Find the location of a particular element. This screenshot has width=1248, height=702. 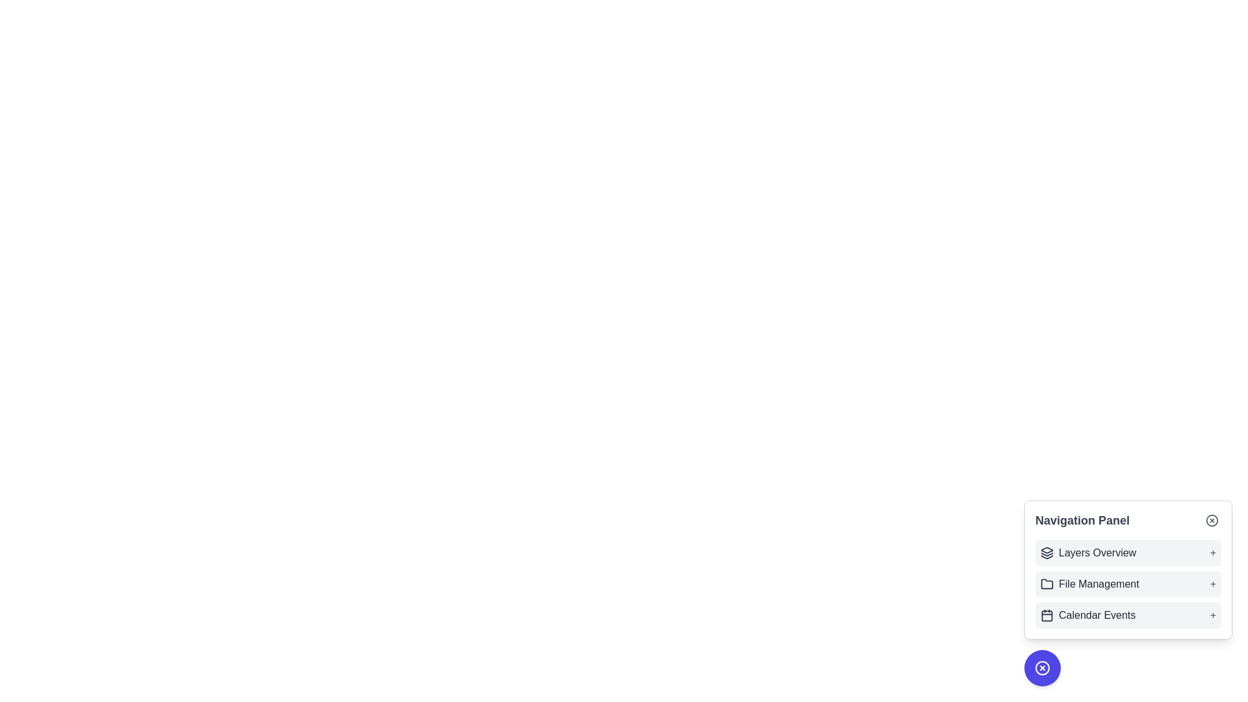

the second item in the navigation list for managing files, located in the center of the right-side navigation panel is located at coordinates (1128, 583).